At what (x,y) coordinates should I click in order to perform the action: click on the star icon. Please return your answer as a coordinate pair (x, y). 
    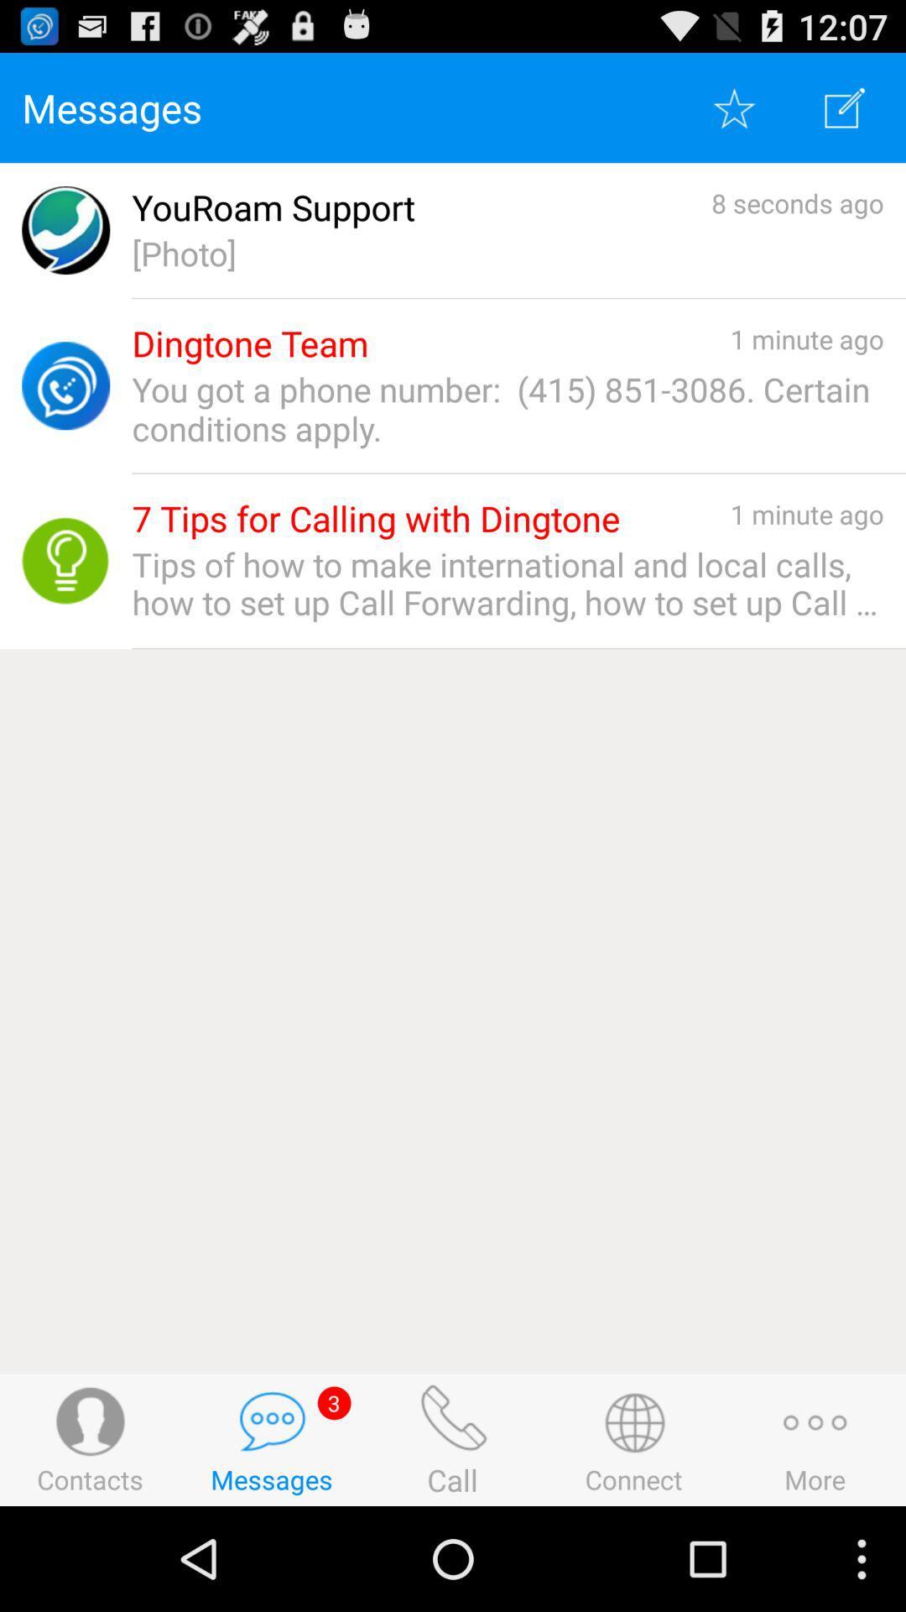
    Looking at the image, I should click on (733, 114).